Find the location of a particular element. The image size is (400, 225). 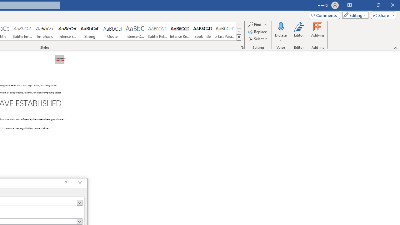

'Collapse the Ribbon' is located at coordinates (396, 47).